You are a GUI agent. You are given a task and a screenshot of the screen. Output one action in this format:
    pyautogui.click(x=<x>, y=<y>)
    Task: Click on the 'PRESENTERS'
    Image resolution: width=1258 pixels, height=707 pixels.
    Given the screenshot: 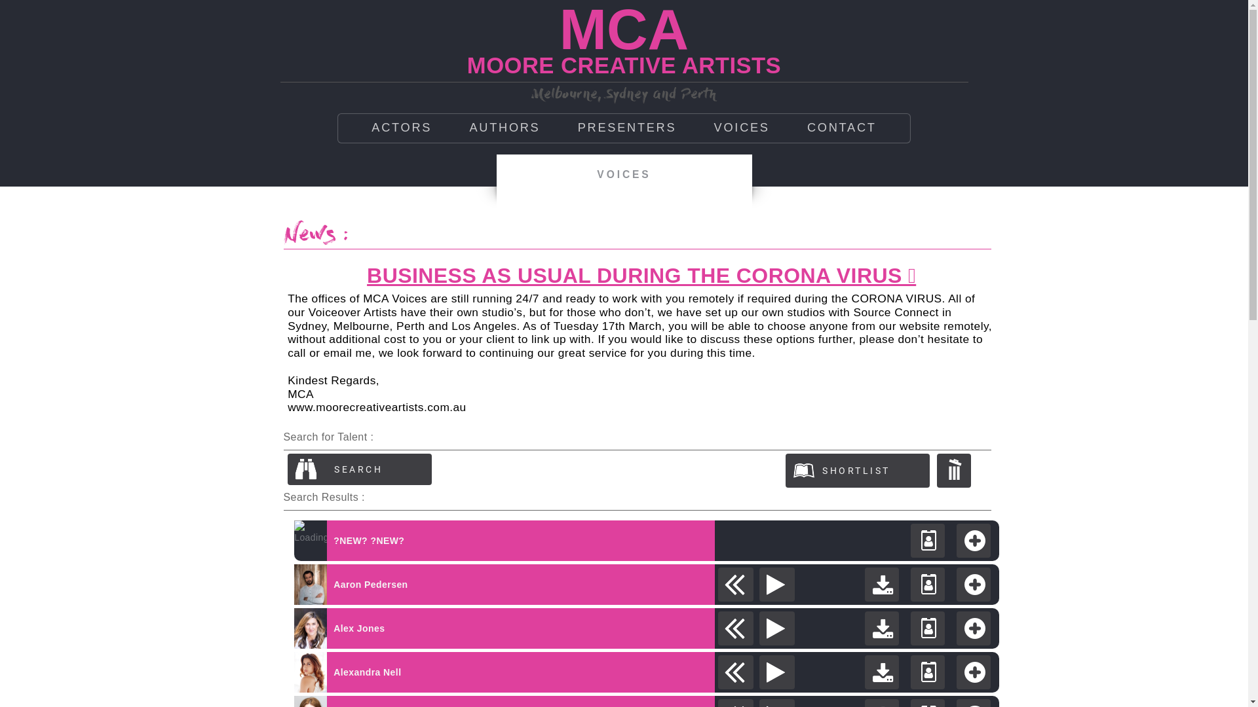 What is the action you would take?
    pyautogui.click(x=626, y=128)
    